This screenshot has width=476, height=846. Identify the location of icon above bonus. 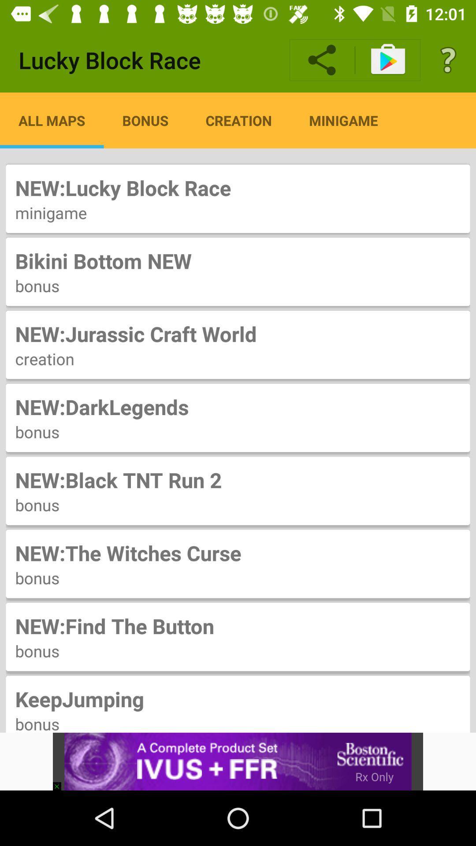
(238, 698).